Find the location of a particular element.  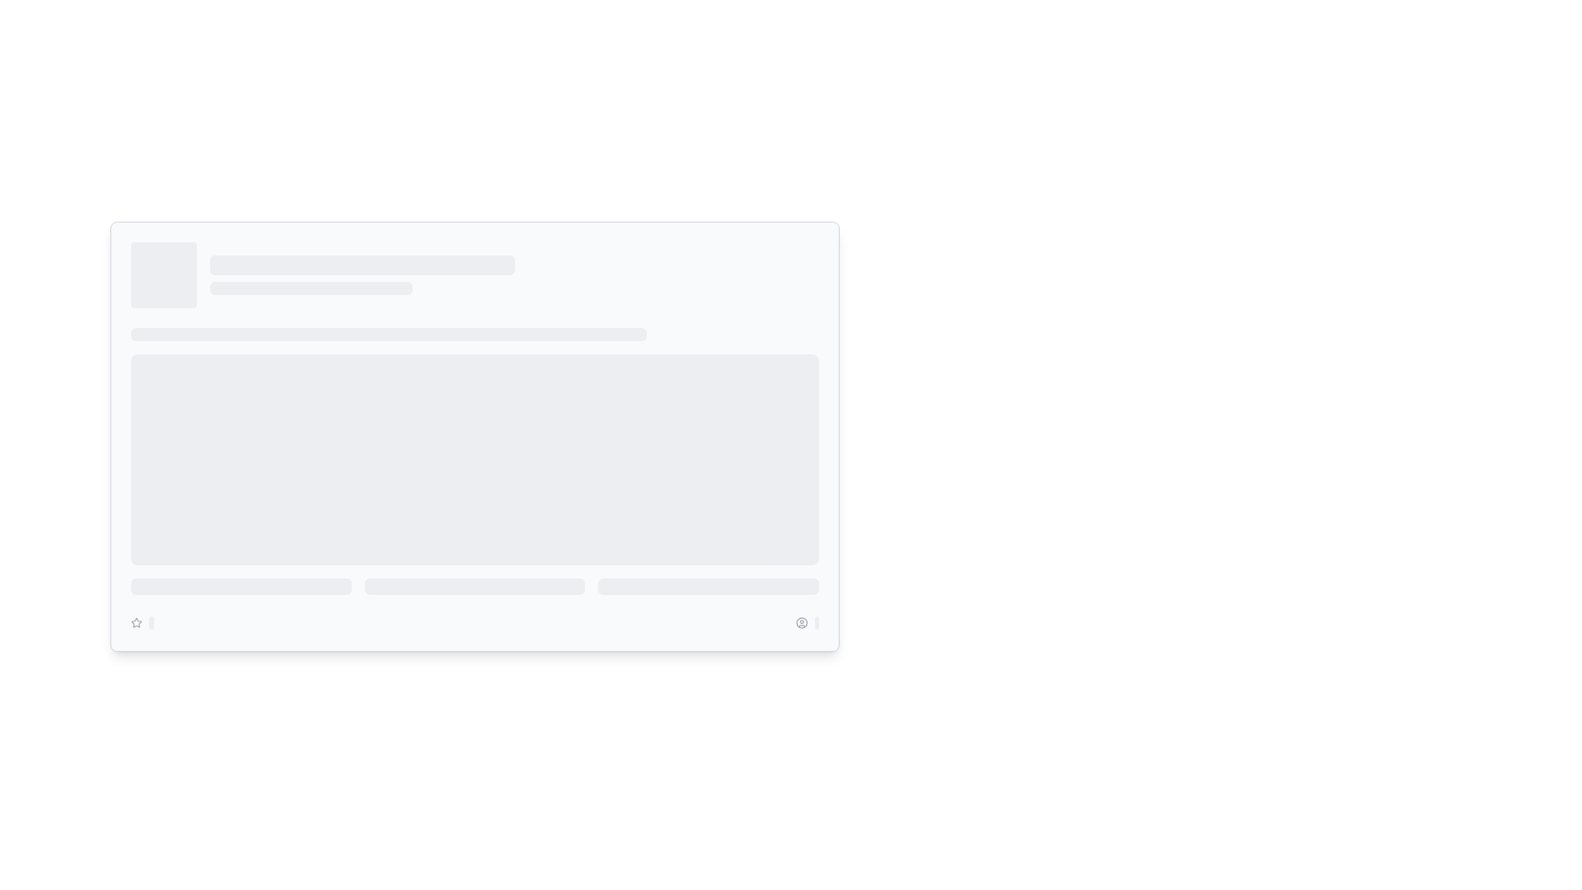

the leftmost Skeleton Placeholder Component, which indicates where content will appear in the loading state is located at coordinates (240, 586).